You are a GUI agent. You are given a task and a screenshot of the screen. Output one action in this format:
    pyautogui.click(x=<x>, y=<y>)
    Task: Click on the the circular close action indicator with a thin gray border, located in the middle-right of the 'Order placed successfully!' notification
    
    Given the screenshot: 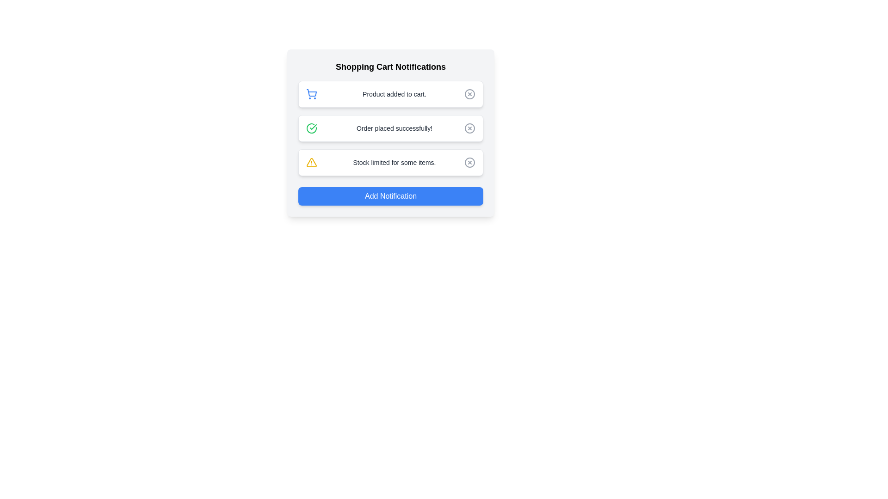 What is the action you would take?
    pyautogui.click(x=470, y=128)
    